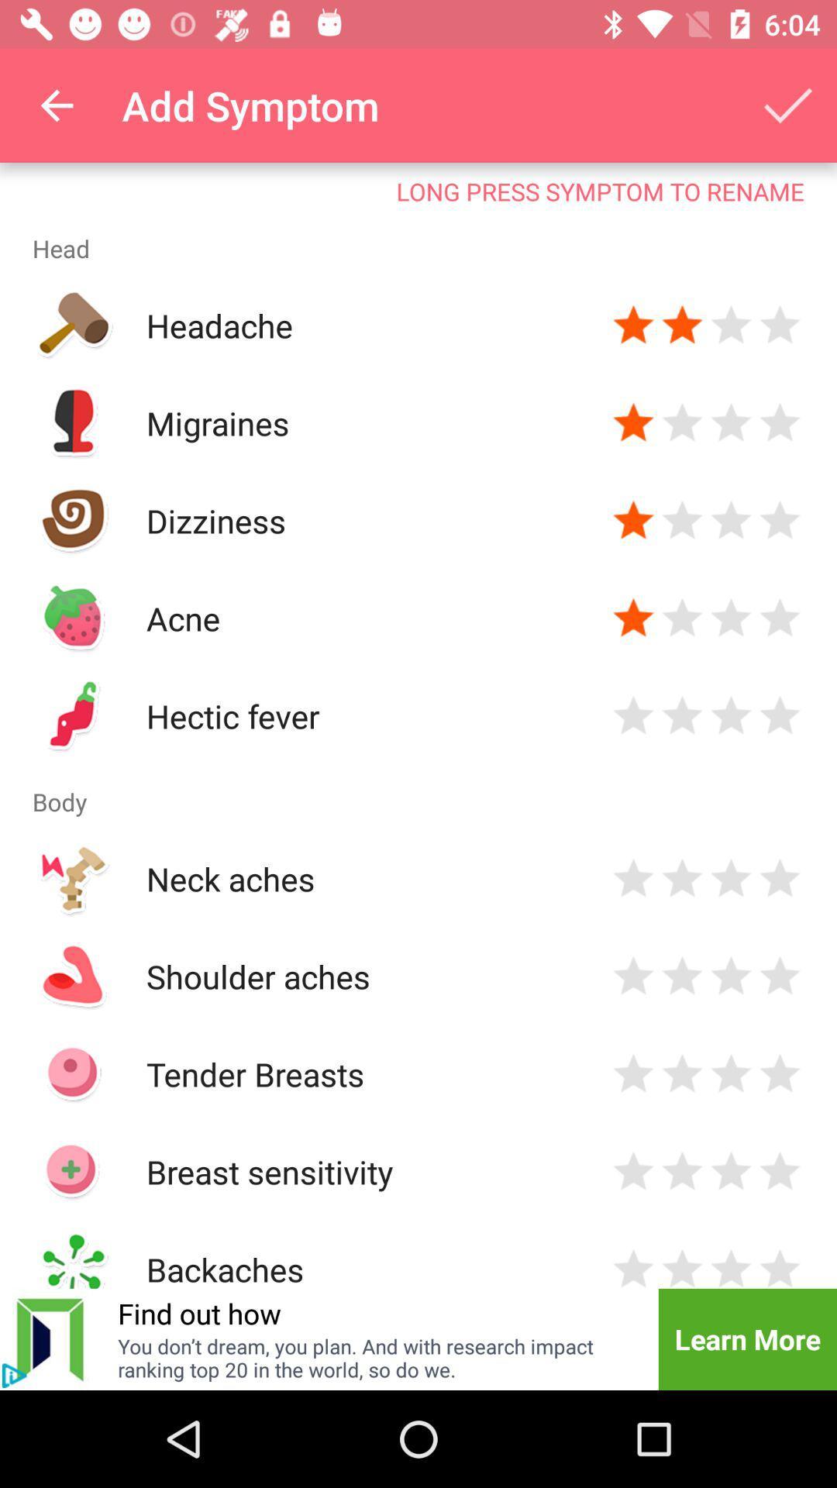 This screenshot has width=837, height=1488. I want to click on press to mute, so click(14, 1376).